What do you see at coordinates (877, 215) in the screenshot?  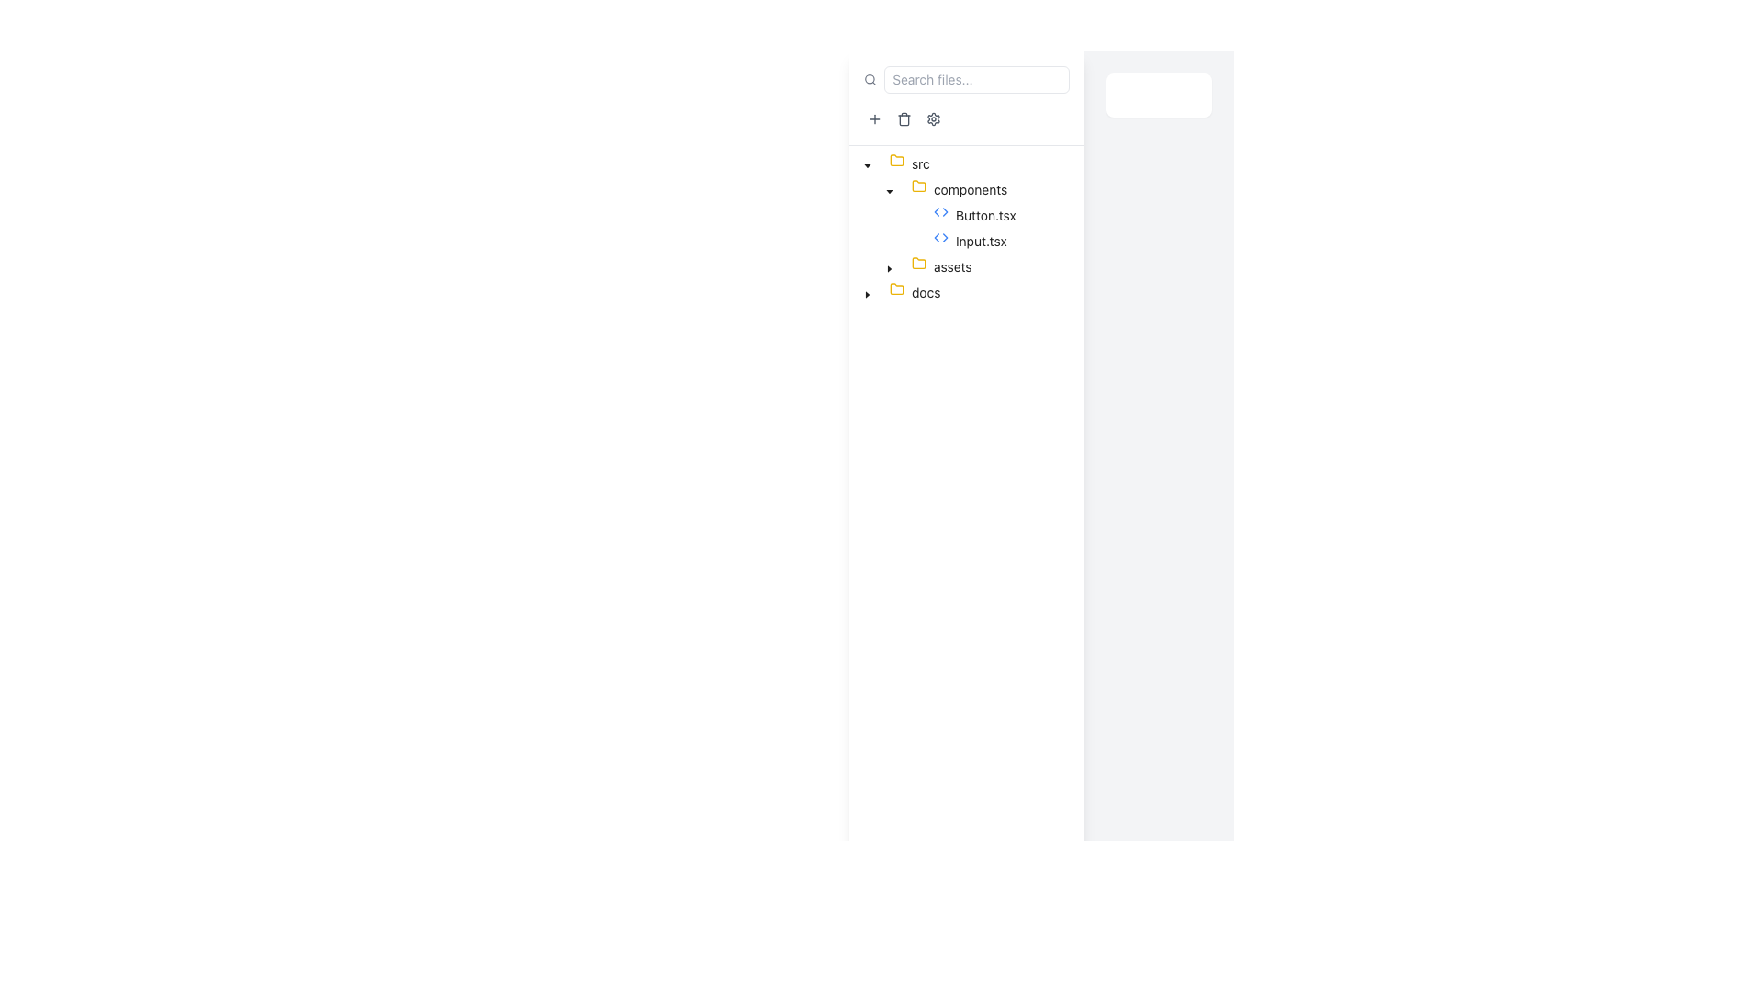 I see `the indentation mark that visually indicates the hierarchical level of the tree node 'Button.tsx' in the tree view` at bounding box center [877, 215].